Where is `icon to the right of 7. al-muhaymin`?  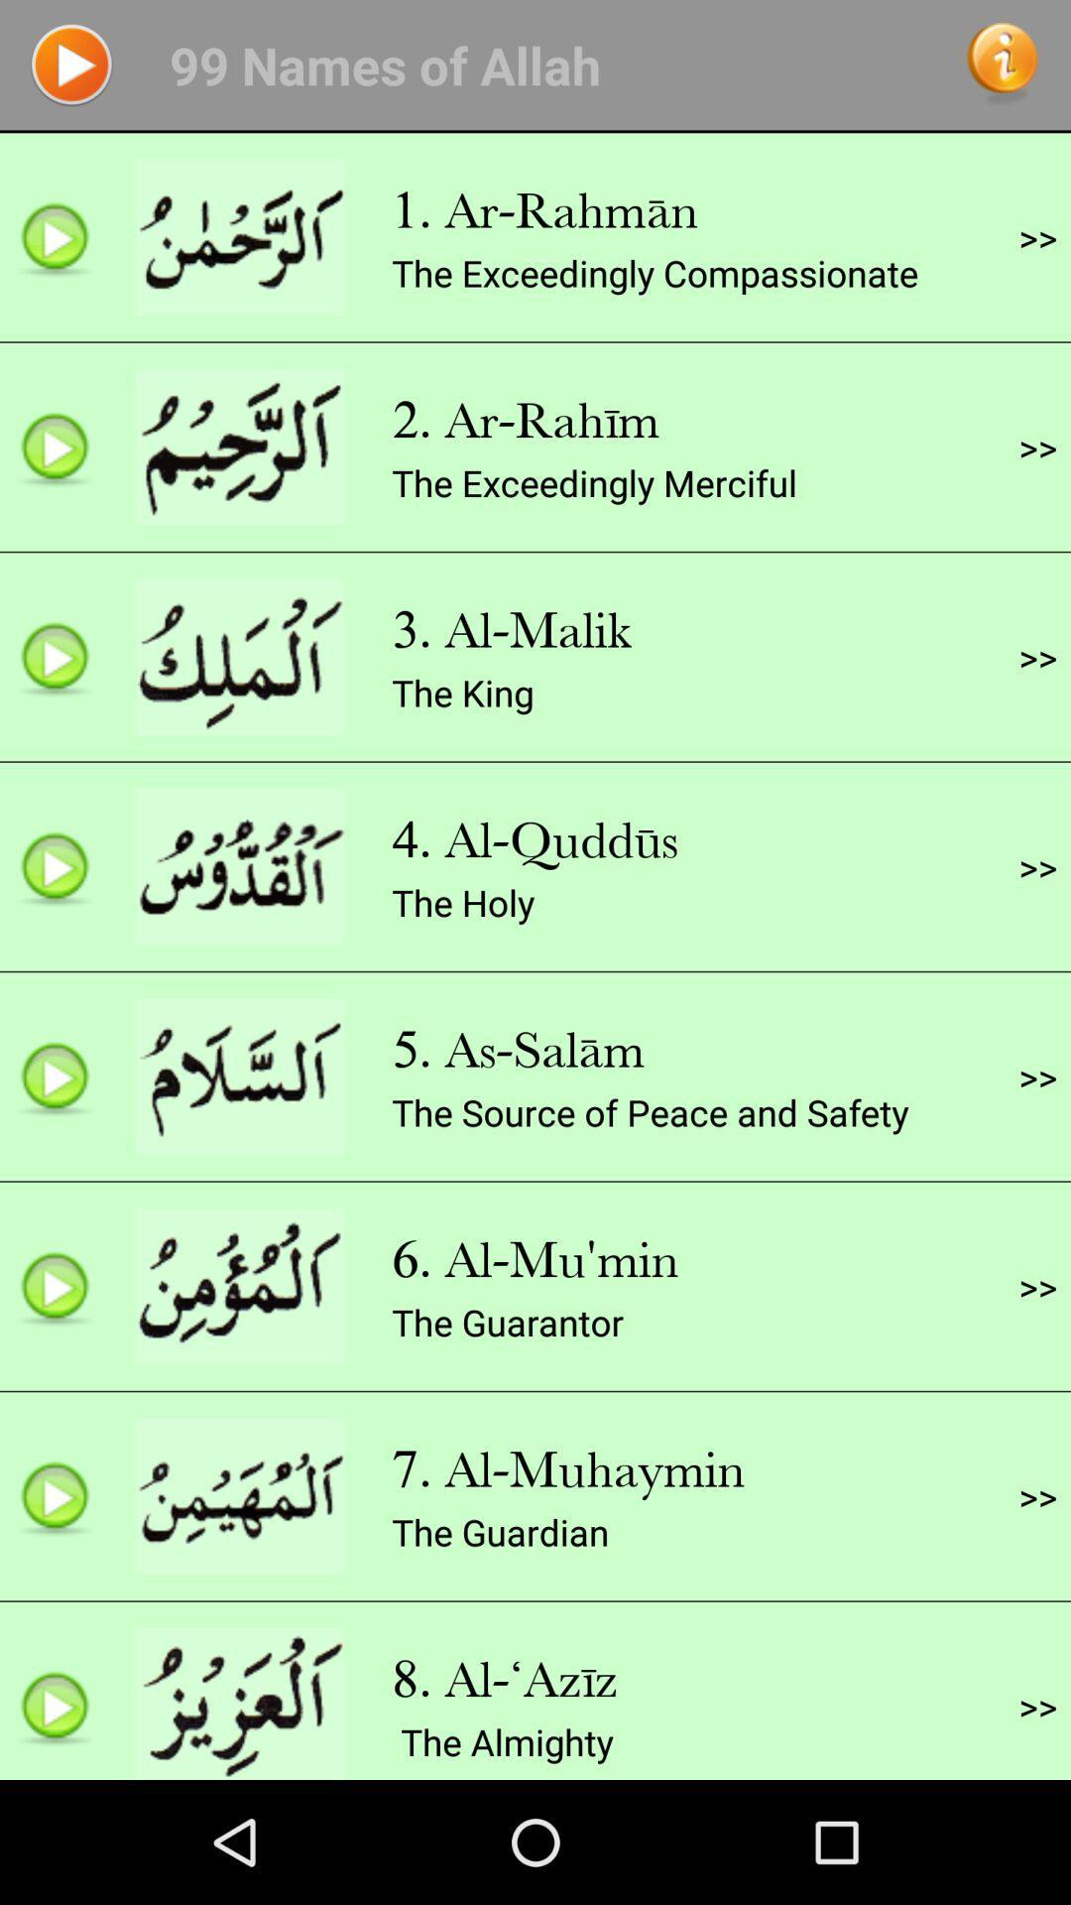 icon to the right of 7. al-muhaymin is located at coordinates (1036, 1496).